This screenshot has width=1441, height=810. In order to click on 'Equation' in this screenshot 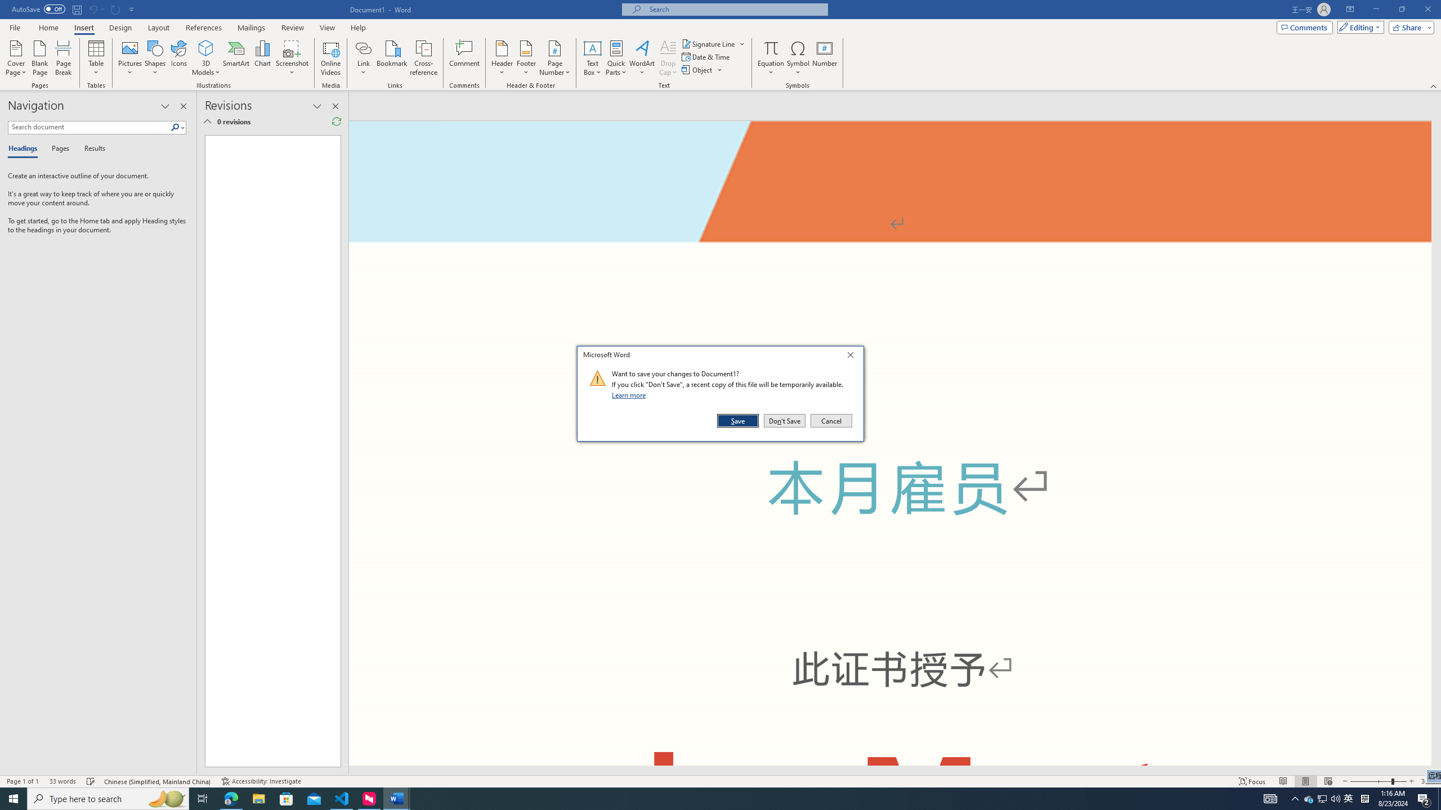, I will do `click(771, 58)`.